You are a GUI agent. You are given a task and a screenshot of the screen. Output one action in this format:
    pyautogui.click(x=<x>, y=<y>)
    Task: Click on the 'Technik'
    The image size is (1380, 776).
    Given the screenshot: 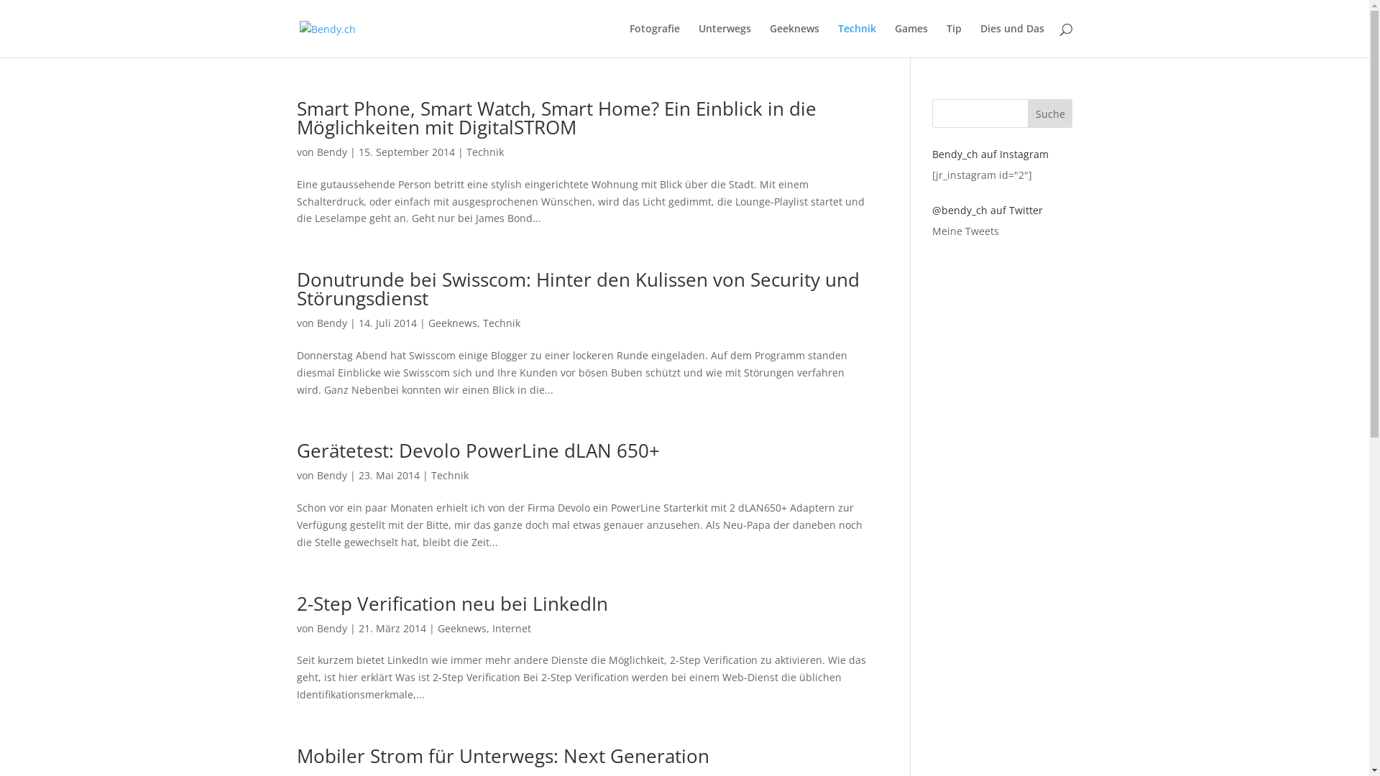 What is the action you would take?
    pyautogui.click(x=501, y=322)
    